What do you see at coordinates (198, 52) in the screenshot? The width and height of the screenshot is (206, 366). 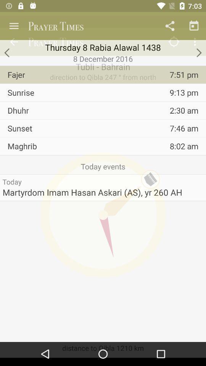 I see `next` at bounding box center [198, 52].